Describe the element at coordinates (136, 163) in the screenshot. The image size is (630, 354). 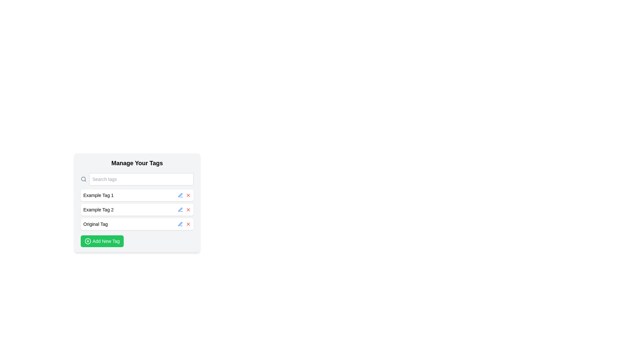
I see `the Text Label that serves as a title or header for the section, located at the topmost position above the search input field and list of tags` at that location.